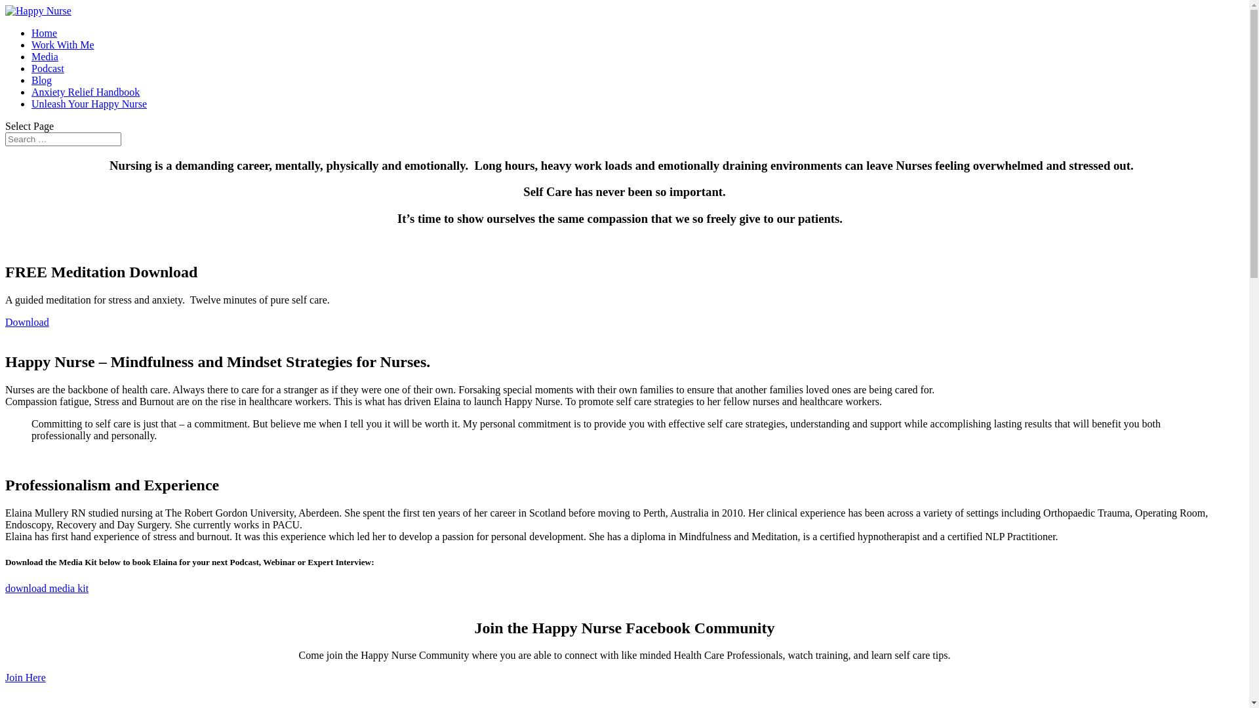 The image size is (1259, 708). I want to click on 'Anxiety Relief Handbook', so click(85, 91).